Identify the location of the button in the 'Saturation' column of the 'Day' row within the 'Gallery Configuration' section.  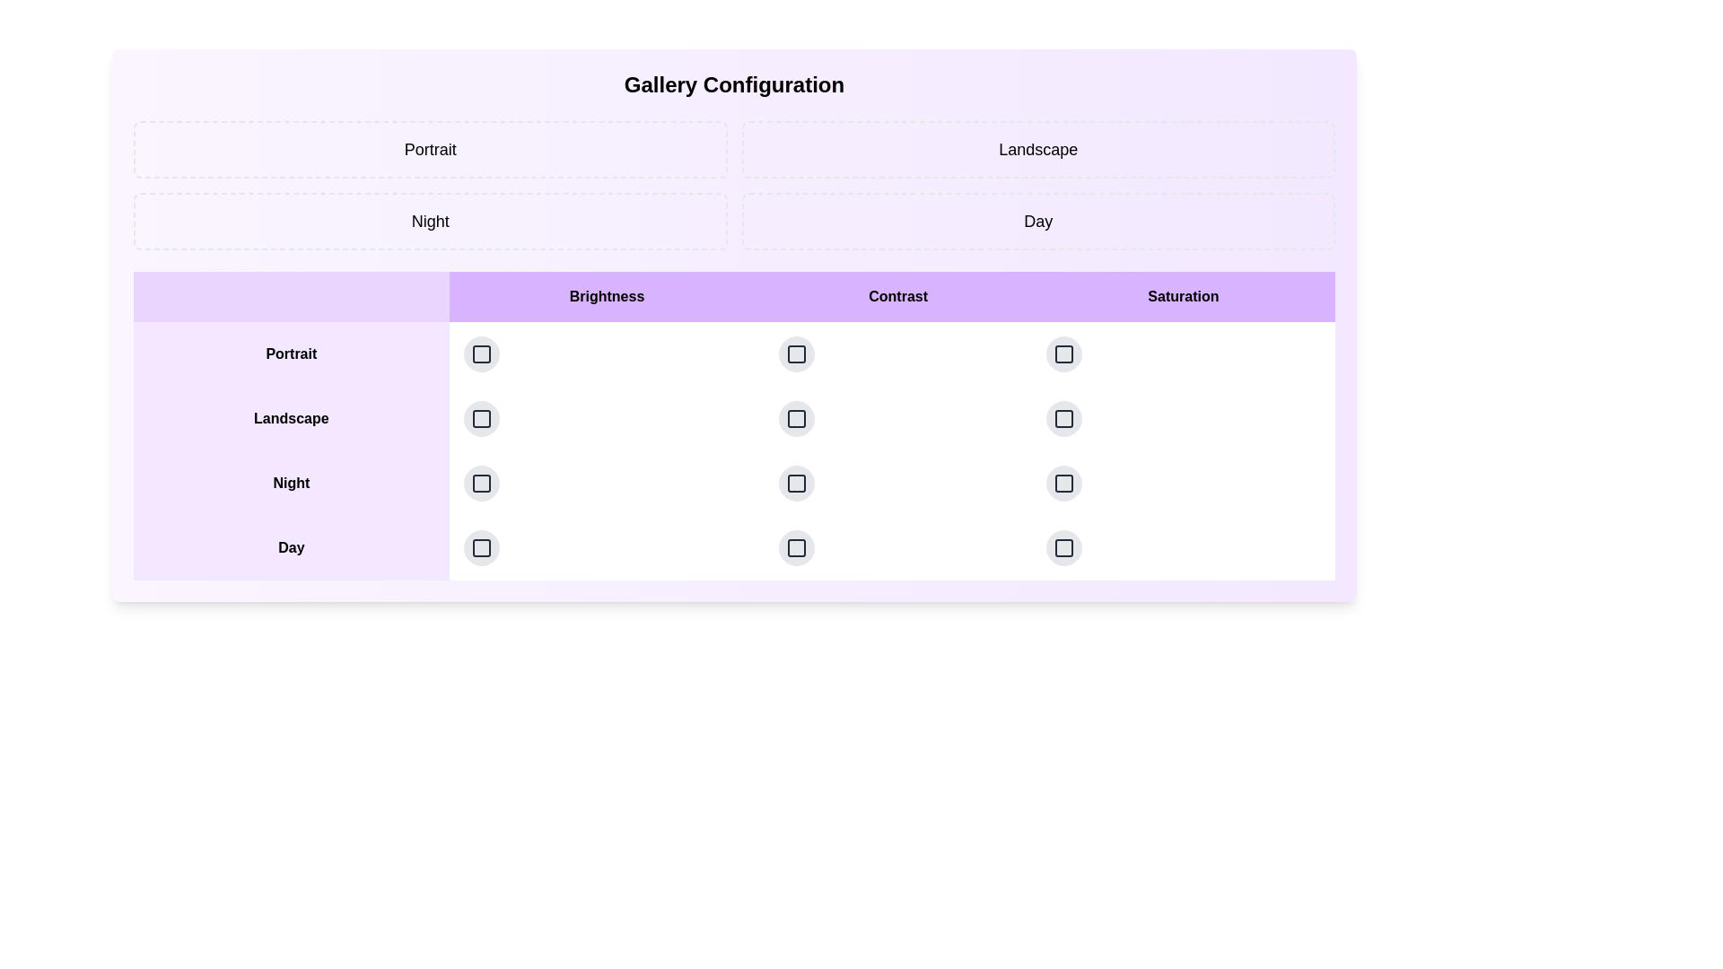
(1063, 546).